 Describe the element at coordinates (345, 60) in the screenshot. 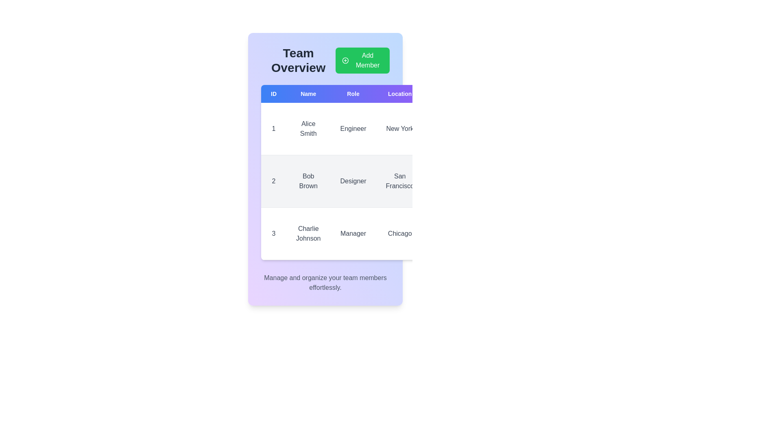

I see `the plus sign icon enclosed in a circle, which is located to the left side of the 'Add Member' button in the header section of the interface` at that location.